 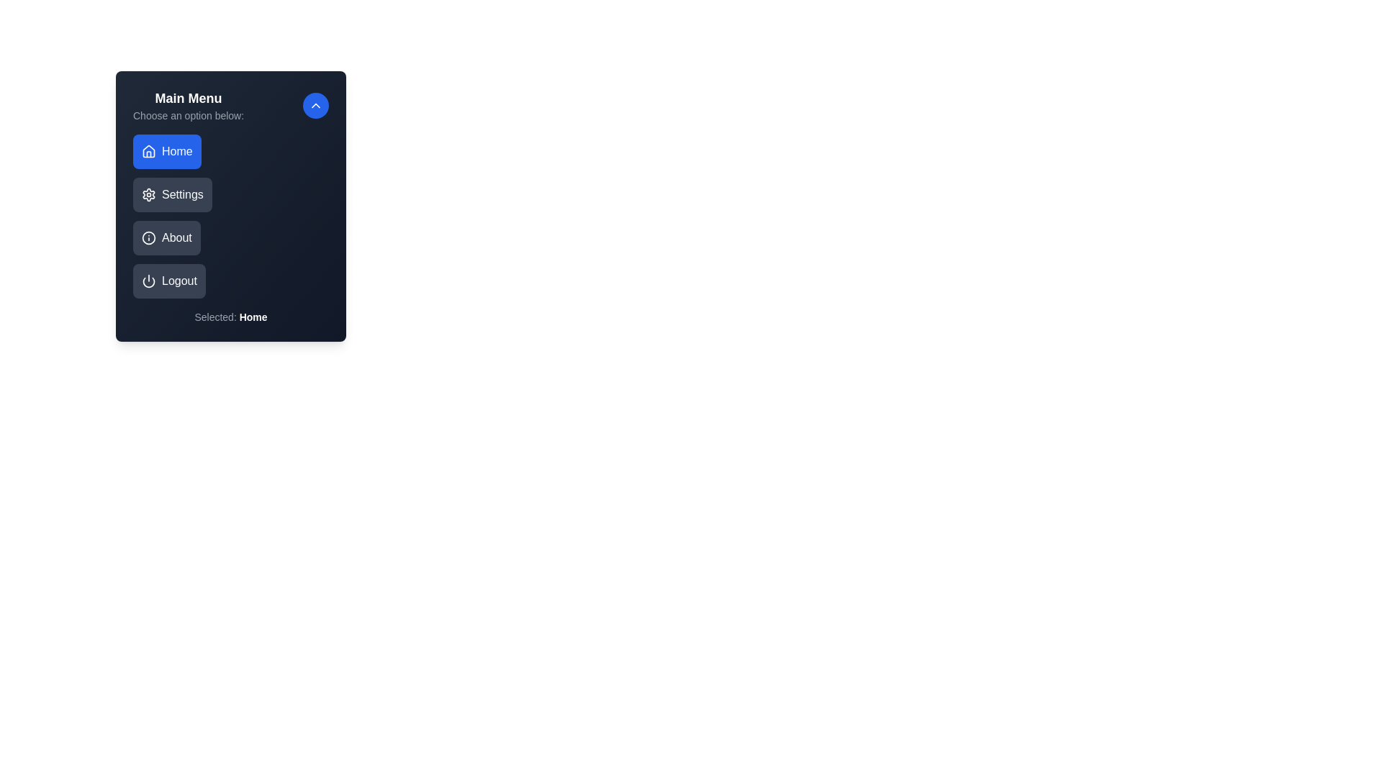 What do you see at coordinates (148, 237) in the screenshot?
I see `the 'About' icon located within the button labeled 'About' in the navigation menu, positioned to the left of the text label` at bounding box center [148, 237].